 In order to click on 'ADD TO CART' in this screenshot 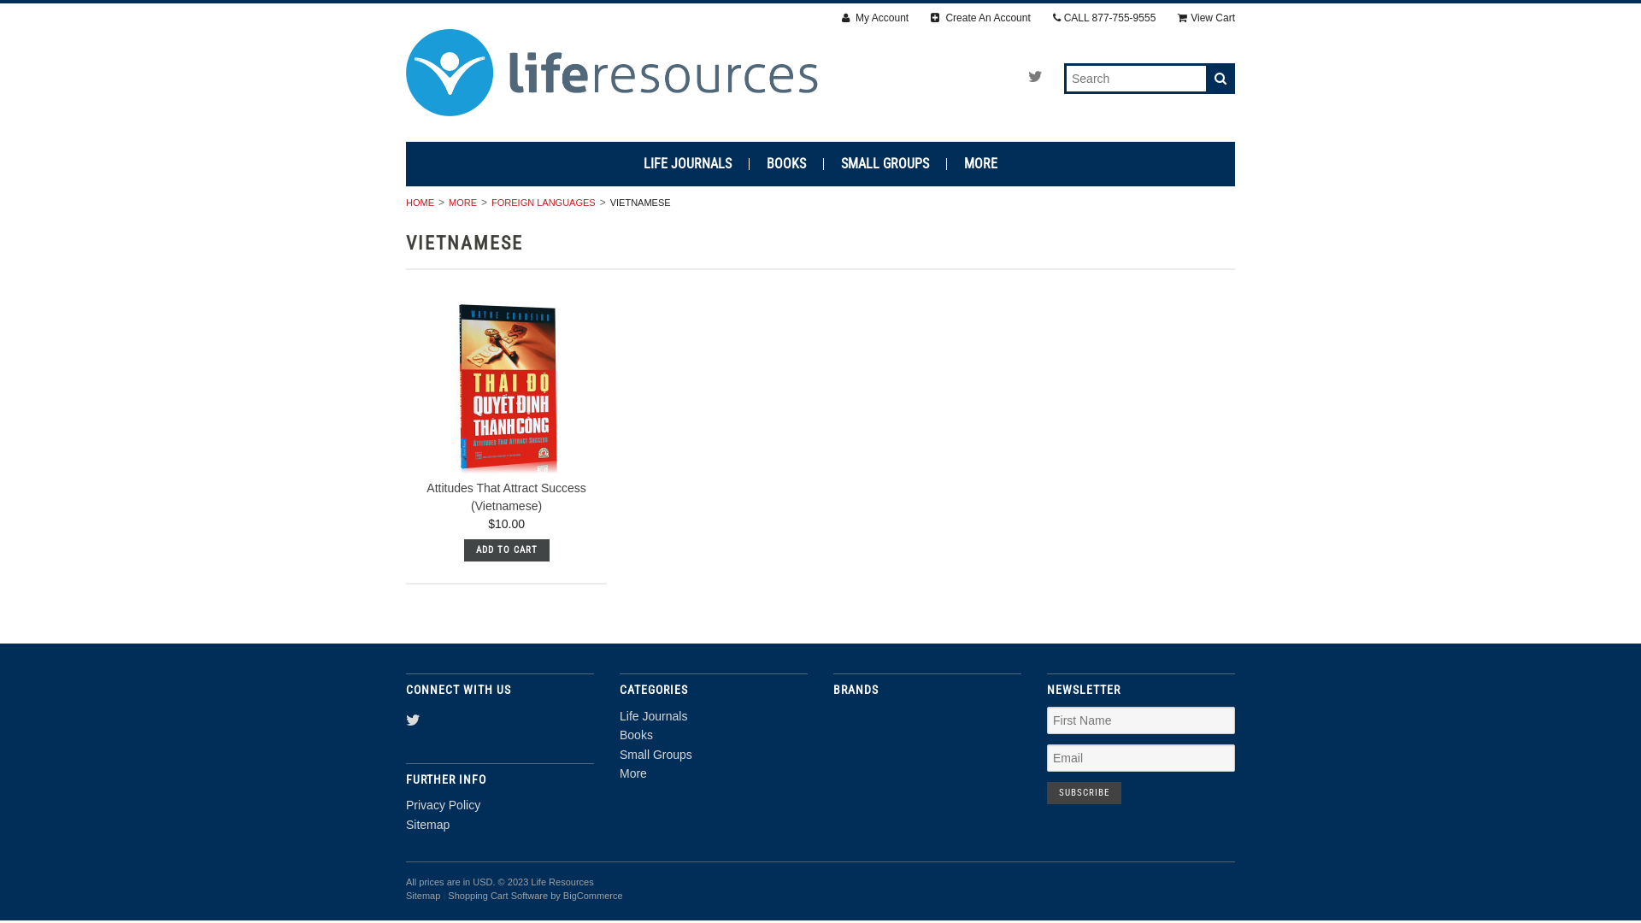, I will do `click(463, 550)`.